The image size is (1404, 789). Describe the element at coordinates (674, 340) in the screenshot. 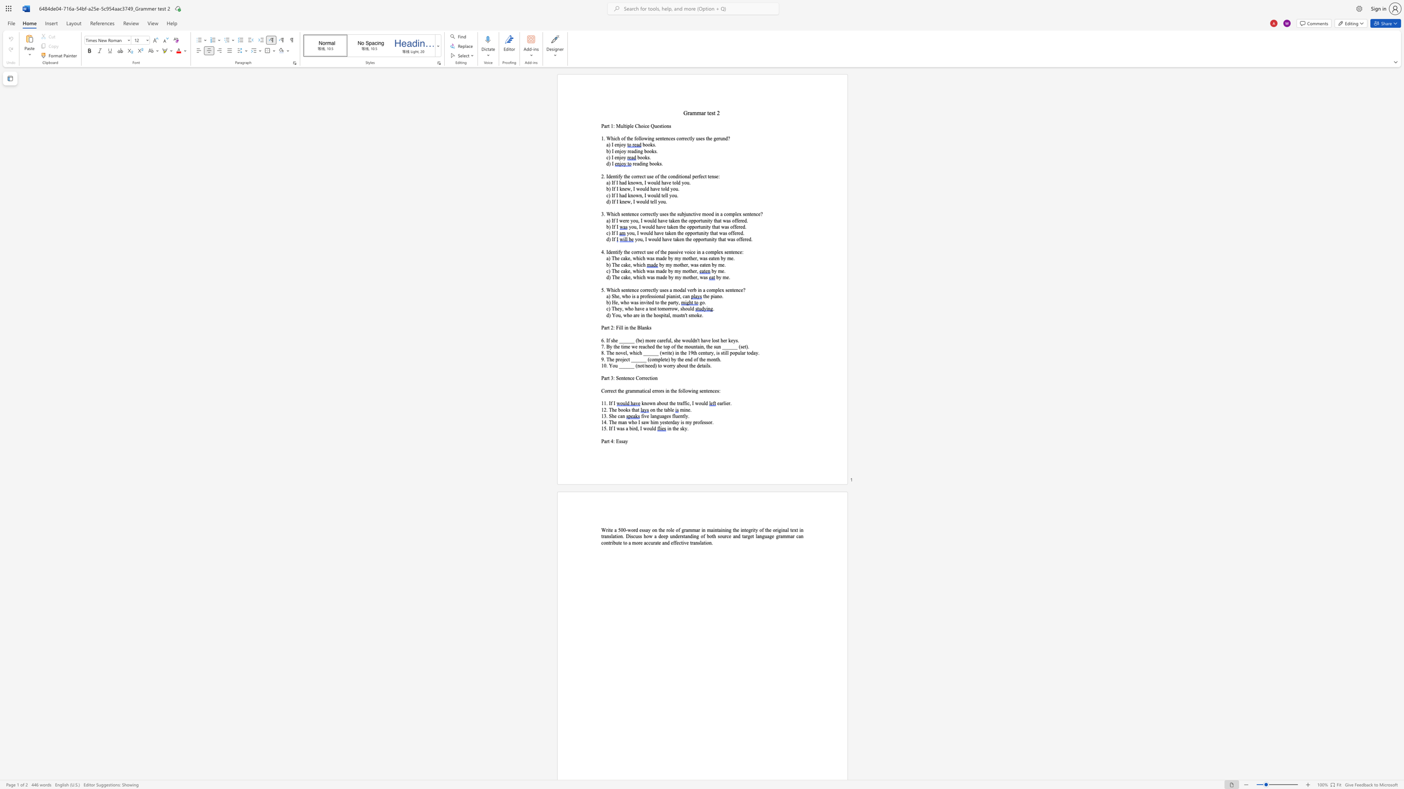

I see `the subset text "she" within the text "6. If she ______ (be) more careful, she"` at that location.